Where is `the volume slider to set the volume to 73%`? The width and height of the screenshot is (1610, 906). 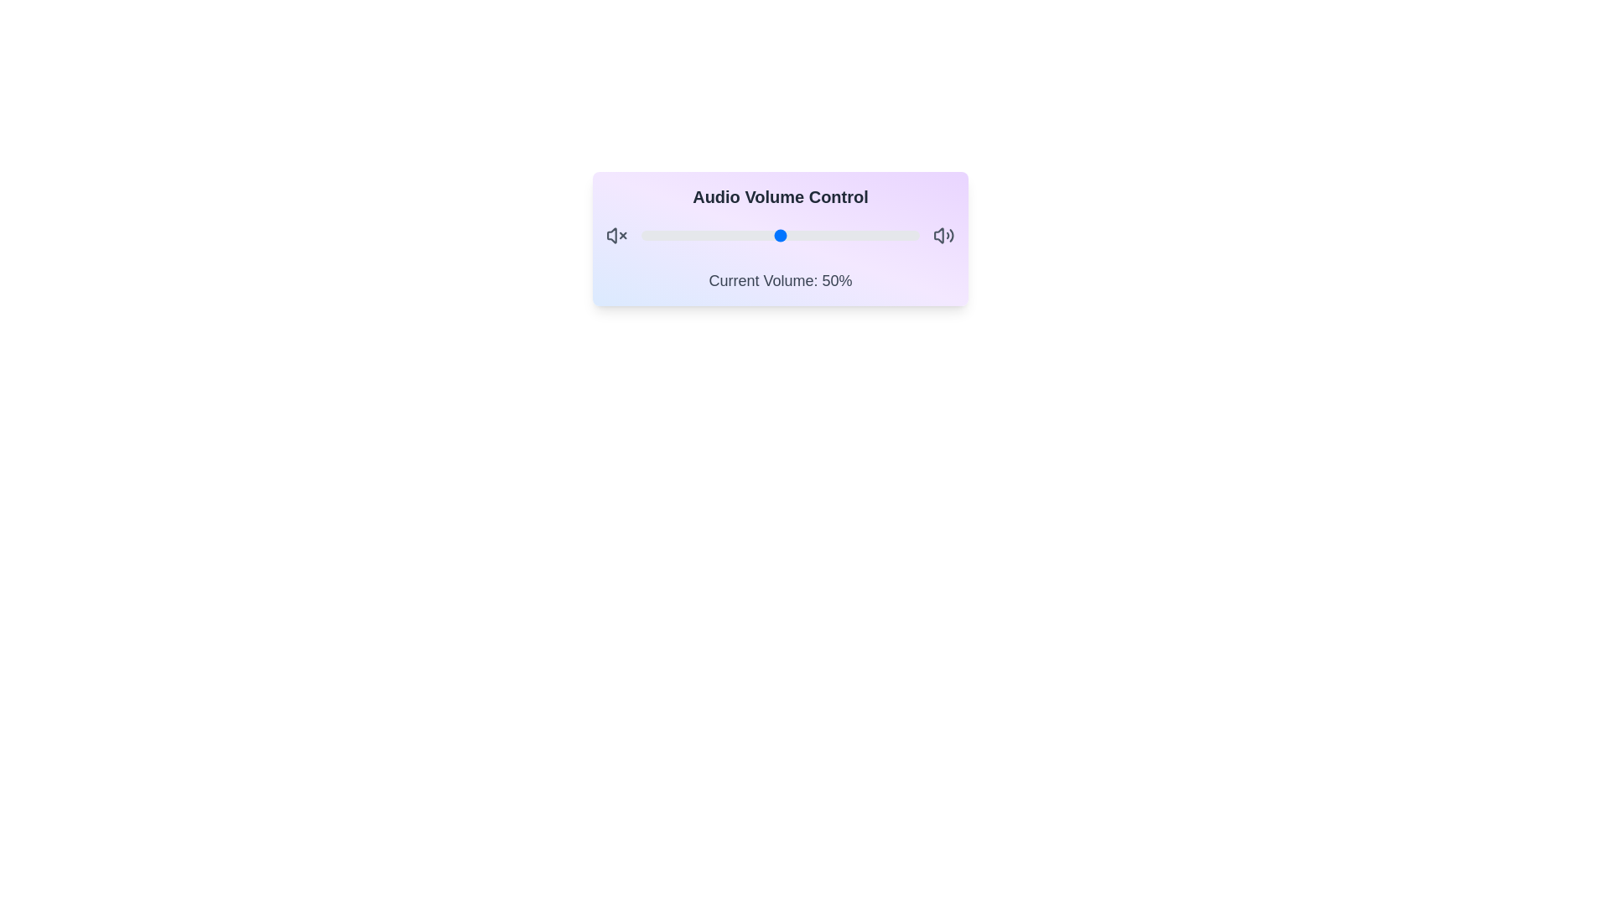 the volume slider to set the volume to 73% is located at coordinates (844, 236).